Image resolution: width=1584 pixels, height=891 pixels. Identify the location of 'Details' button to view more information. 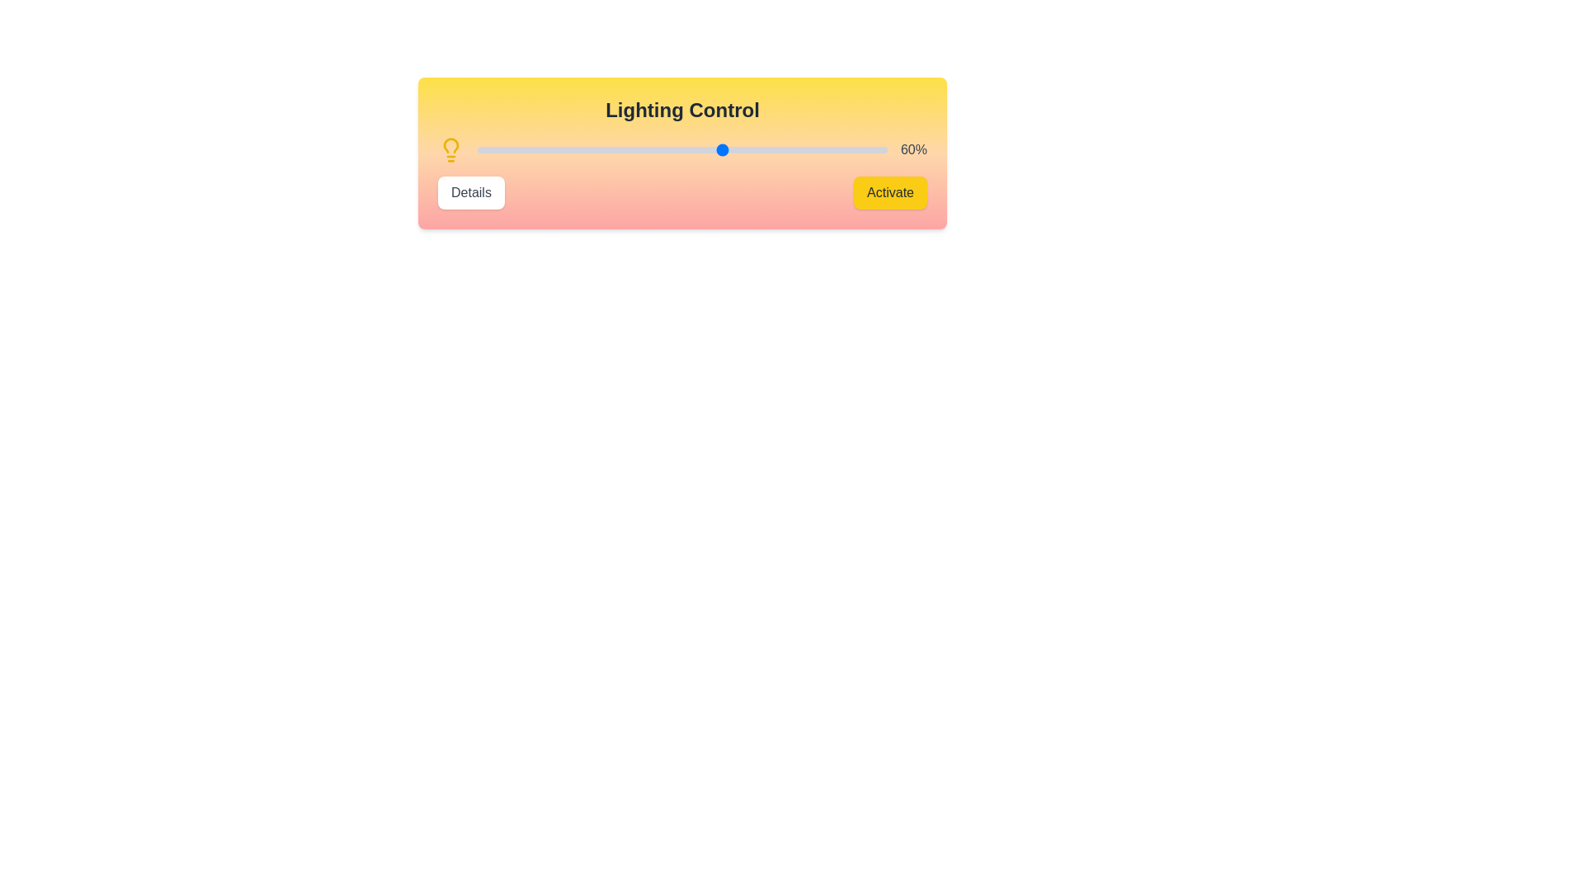
(470, 192).